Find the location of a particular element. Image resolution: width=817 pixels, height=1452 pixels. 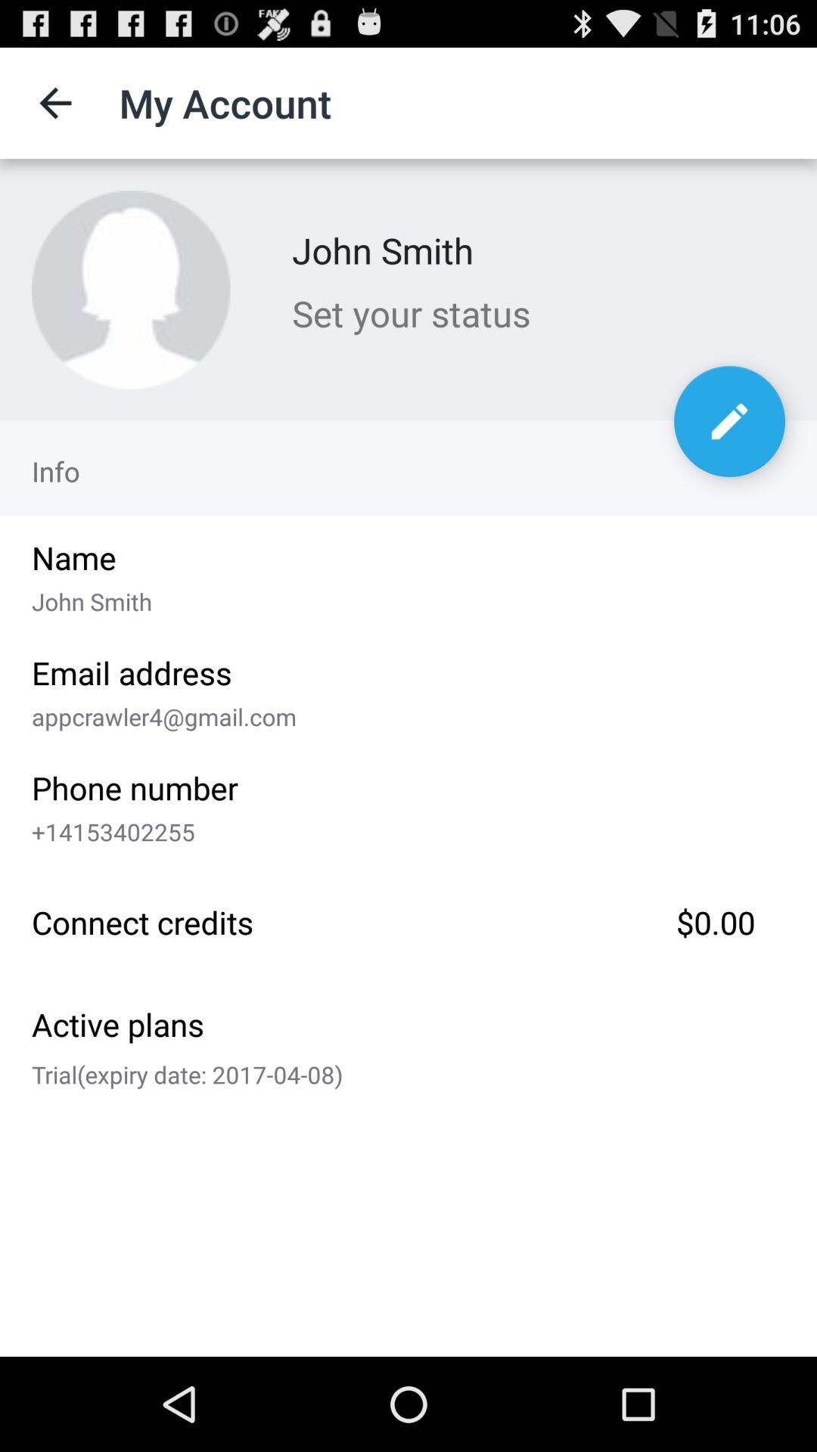

the text below phone number is located at coordinates (402, 827).